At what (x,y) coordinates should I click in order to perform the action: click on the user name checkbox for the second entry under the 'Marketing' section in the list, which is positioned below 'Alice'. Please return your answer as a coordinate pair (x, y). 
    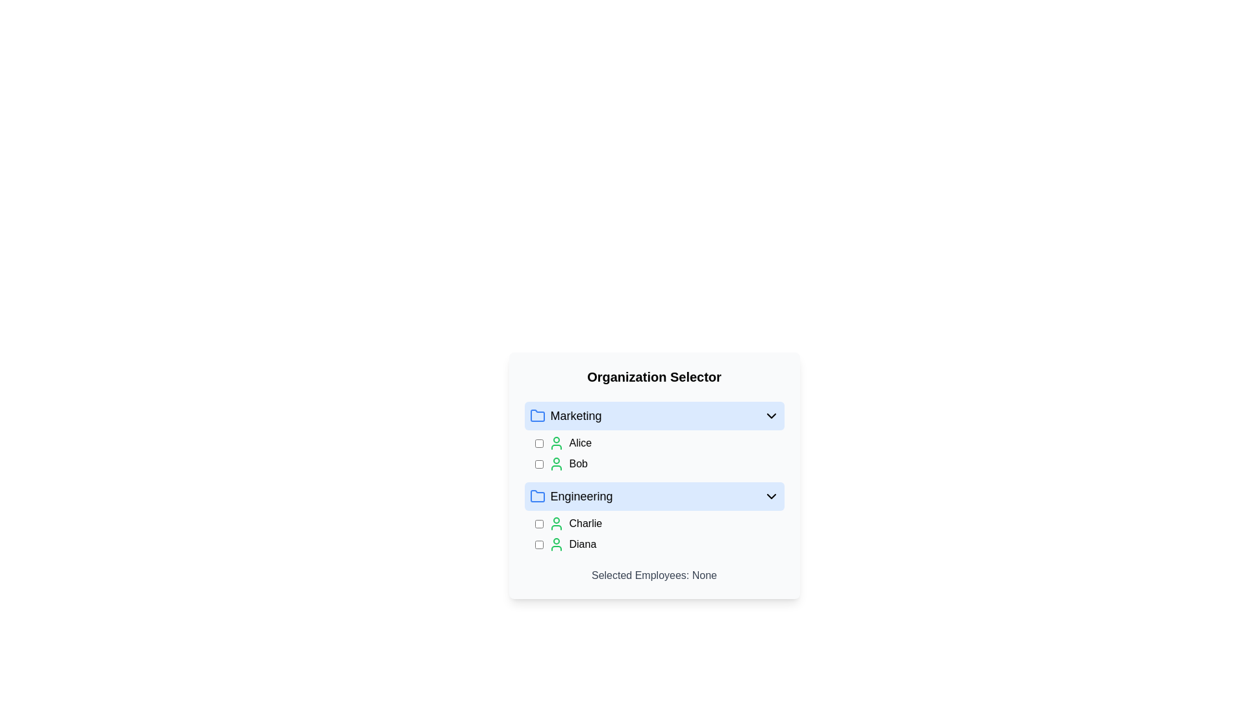
    Looking at the image, I should click on (659, 463).